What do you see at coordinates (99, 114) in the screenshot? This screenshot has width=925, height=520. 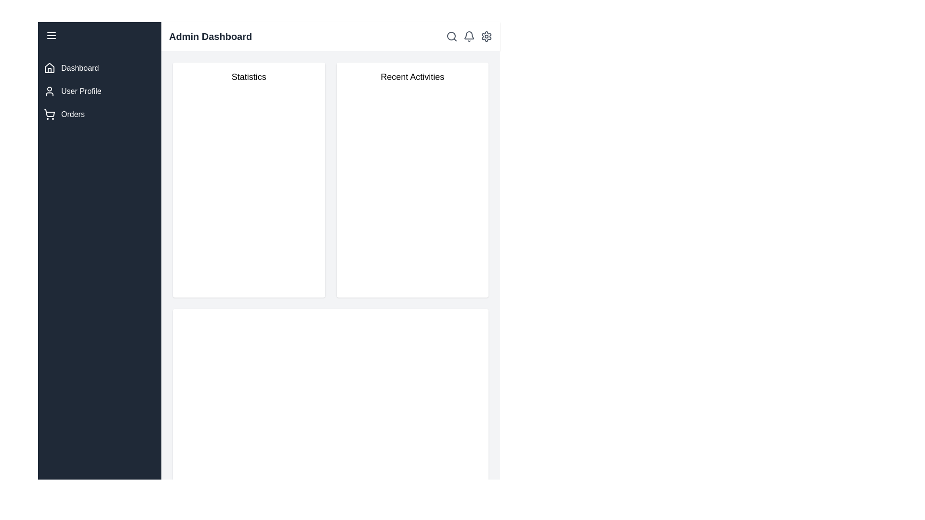 I see `the 'Orders' menu item located in the bottom portion of the sidebar for keyboard navigation` at bounding box center [99, 114].